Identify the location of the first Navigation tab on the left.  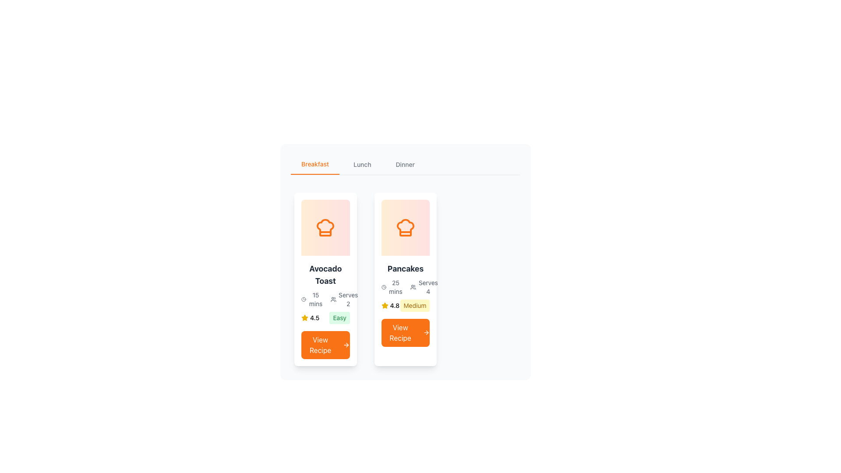
(315, 164).